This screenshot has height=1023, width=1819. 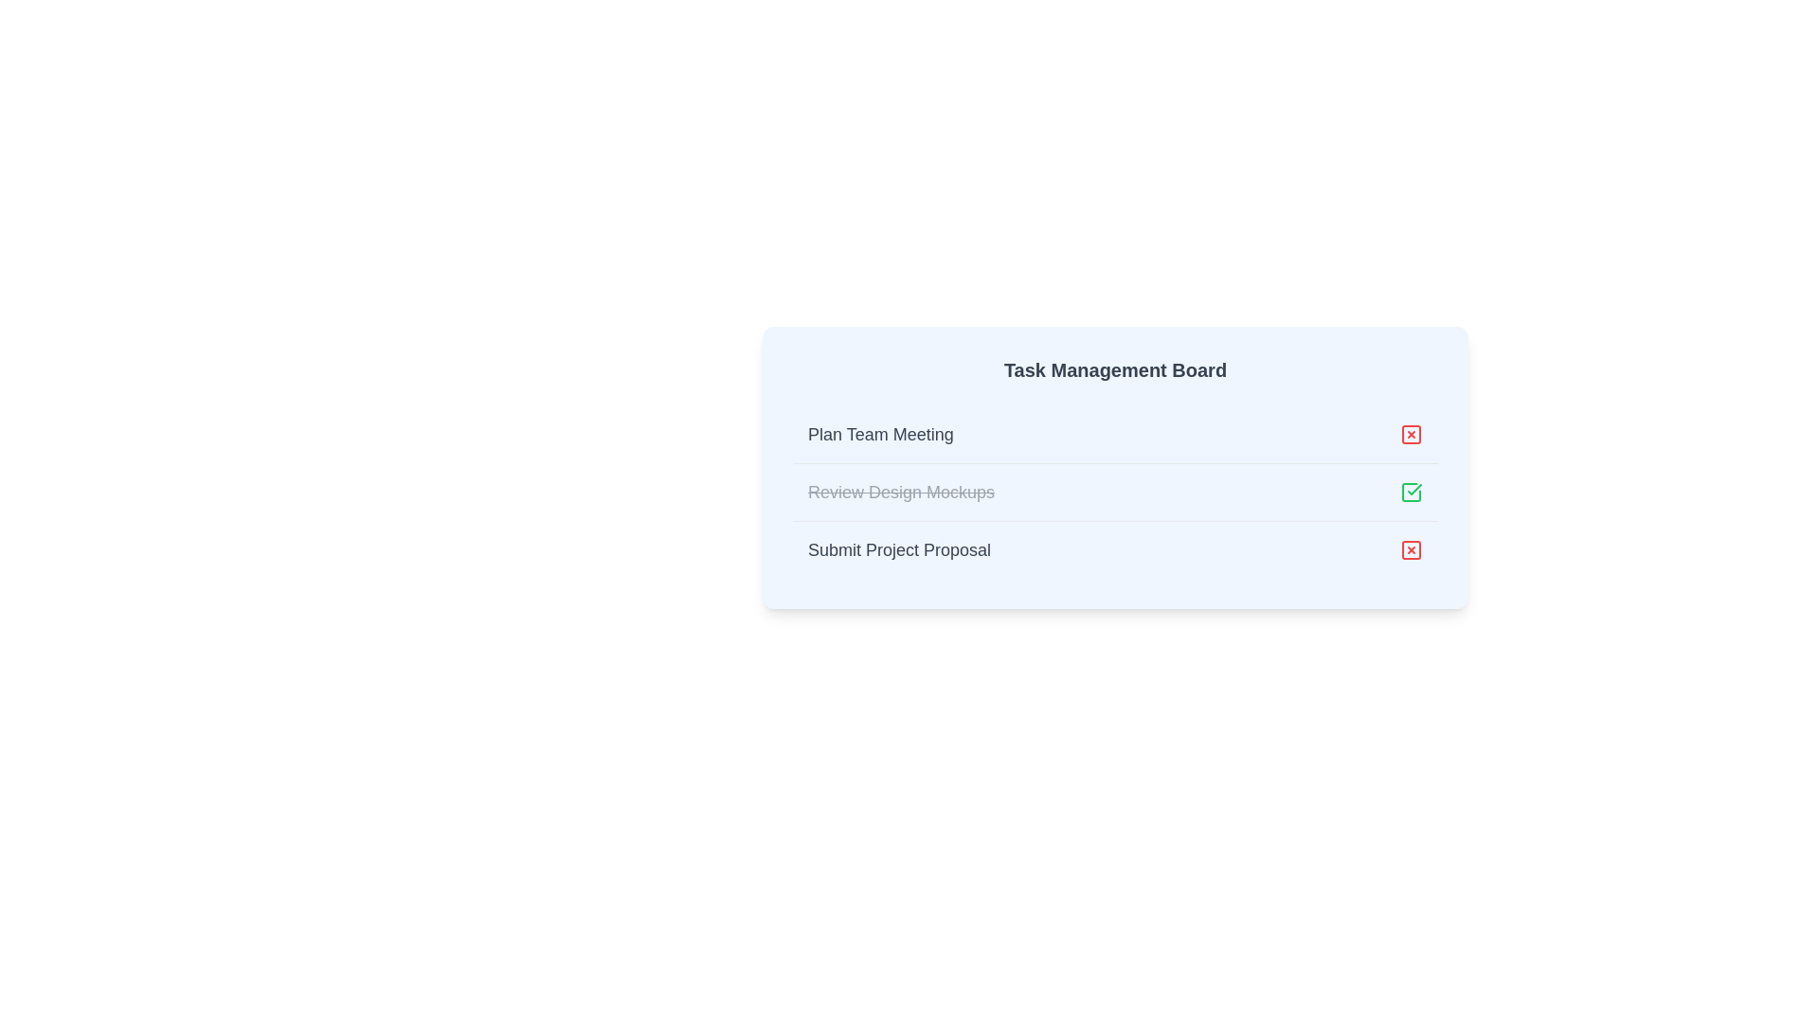 What do you see at coordinates (879, 435) in the screenshot?
I see `text of the task title label located in the task management interface, which is the first text entry in the vertical task list and aligned with a red 'X' icon` at bounding box center [879, 435].